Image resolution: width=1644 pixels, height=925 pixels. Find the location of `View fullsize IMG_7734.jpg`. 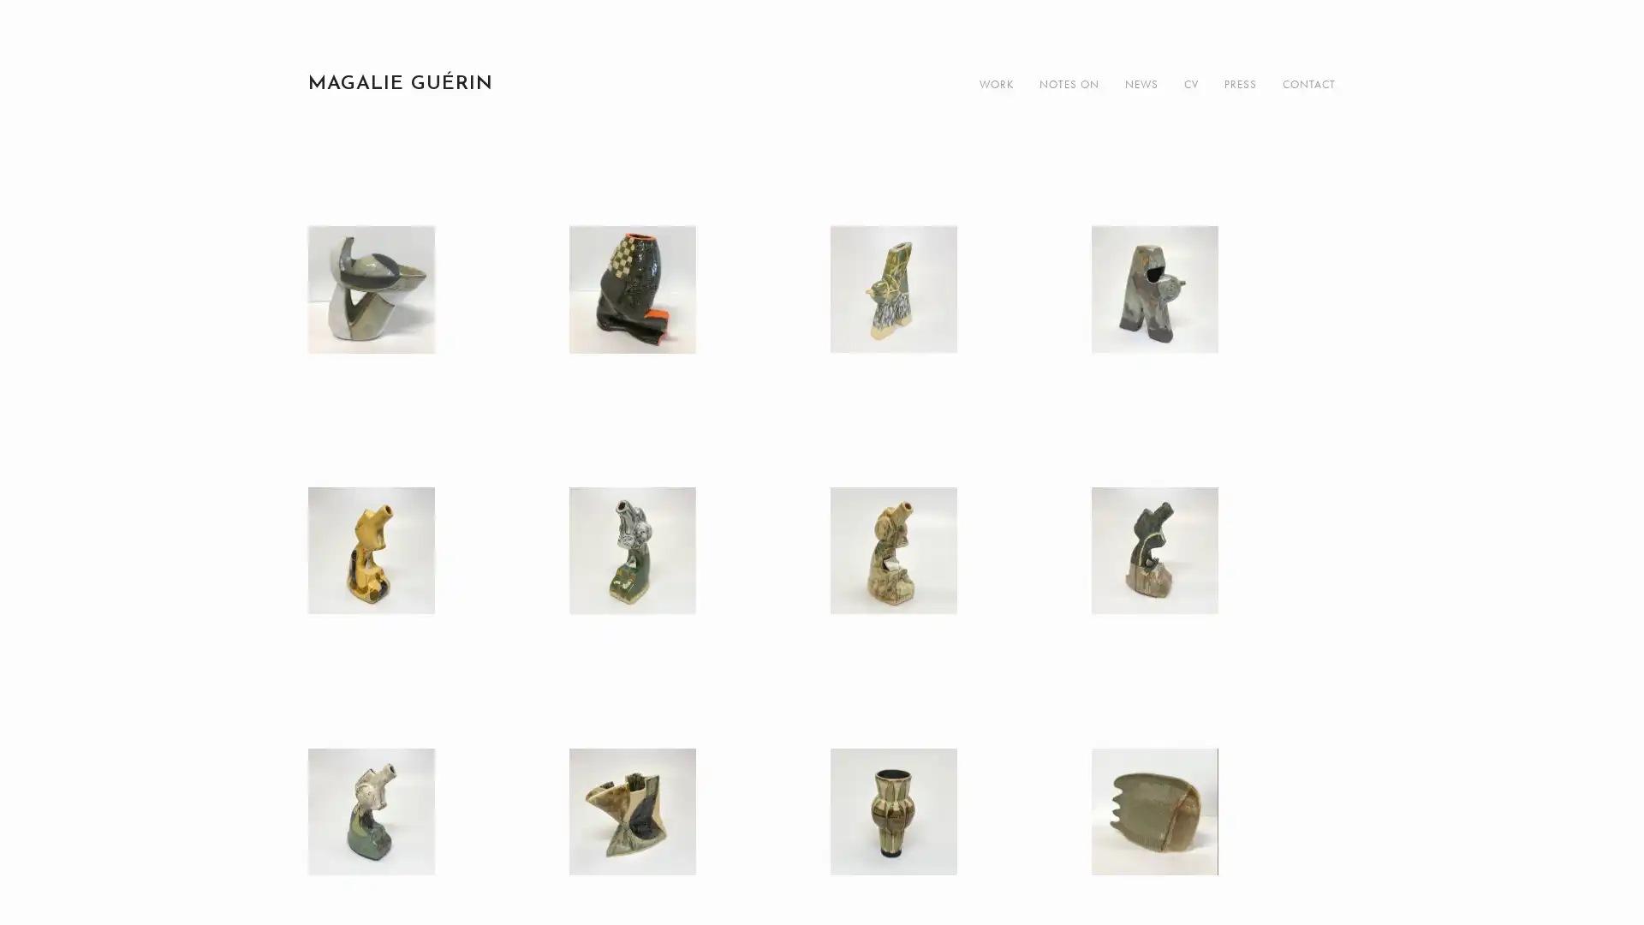

View fullsize IMG_7734.jpg is located at coordinates (430, 608).